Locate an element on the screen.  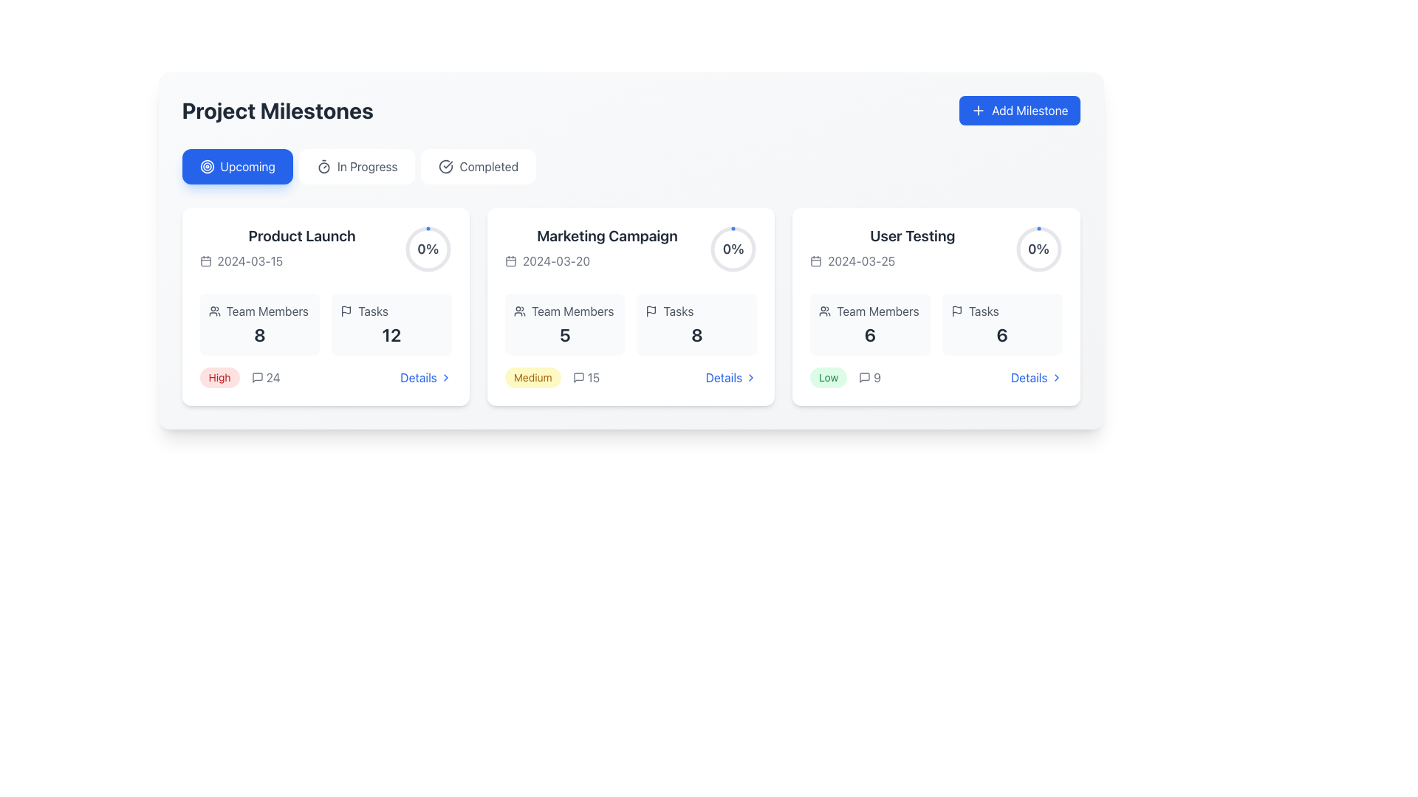
the informational text group with an icon that displays the number of team members assigned to the 'User Testing' milestone is located at coordinates (870, 323).